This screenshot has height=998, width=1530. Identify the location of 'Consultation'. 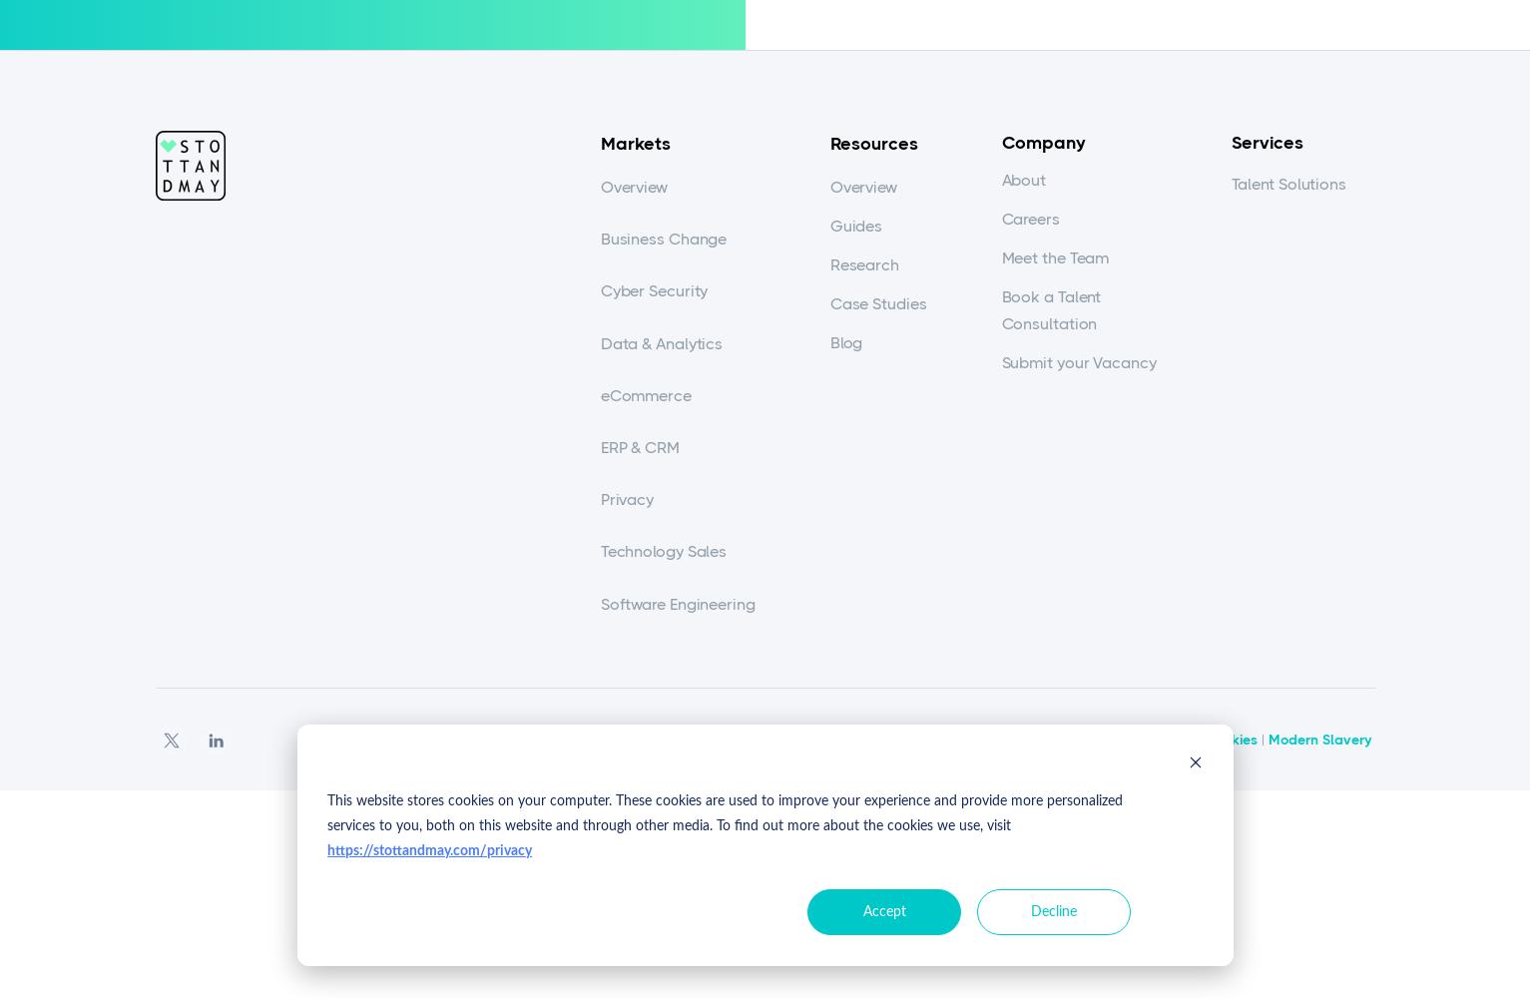
(1000, 322).